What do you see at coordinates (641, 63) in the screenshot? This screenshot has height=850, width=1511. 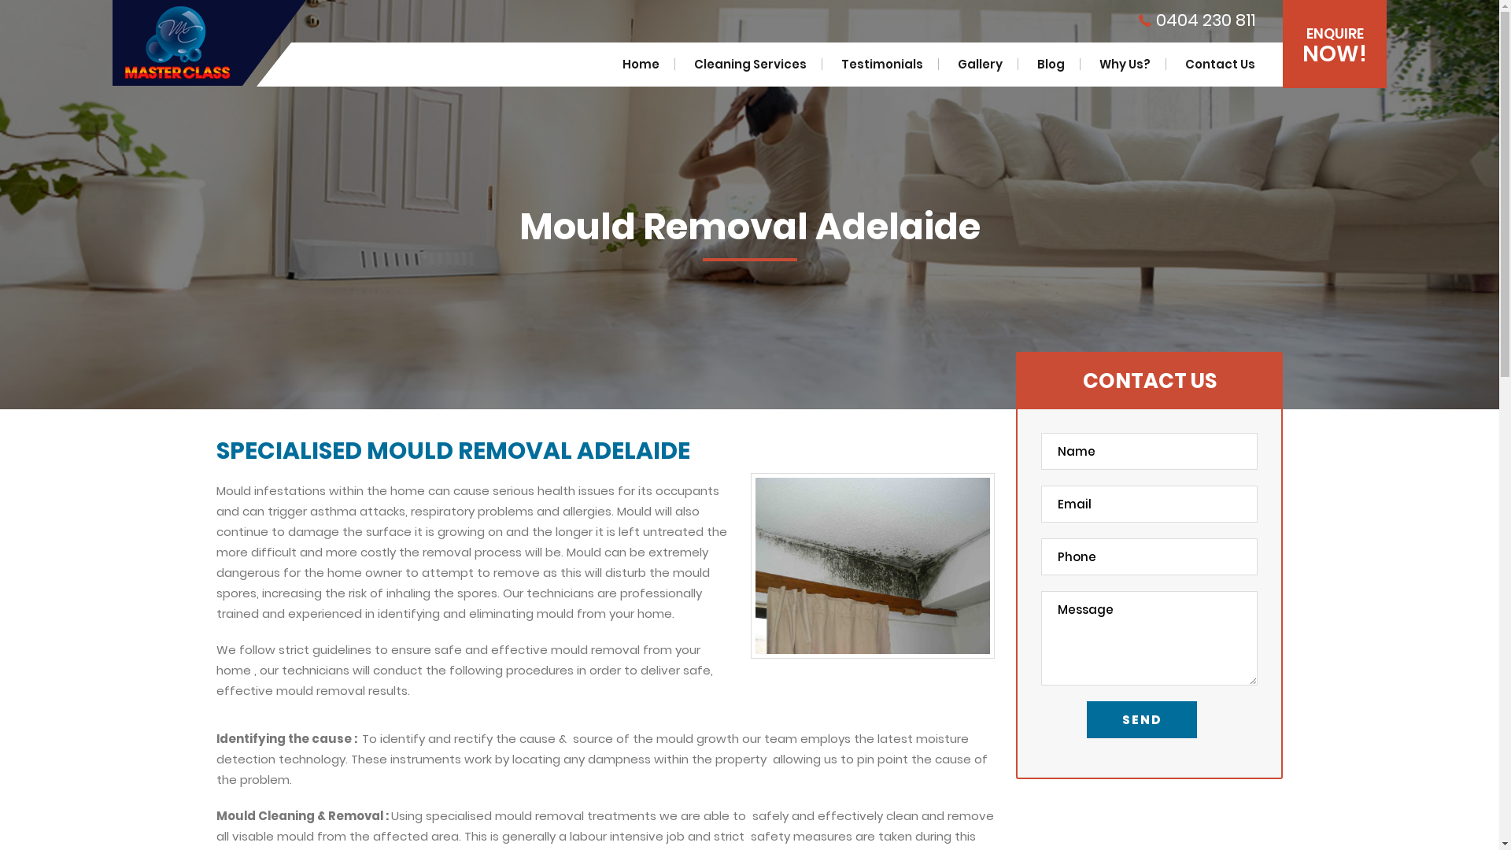 I see `'Home'` at bounding box center [641, 63].